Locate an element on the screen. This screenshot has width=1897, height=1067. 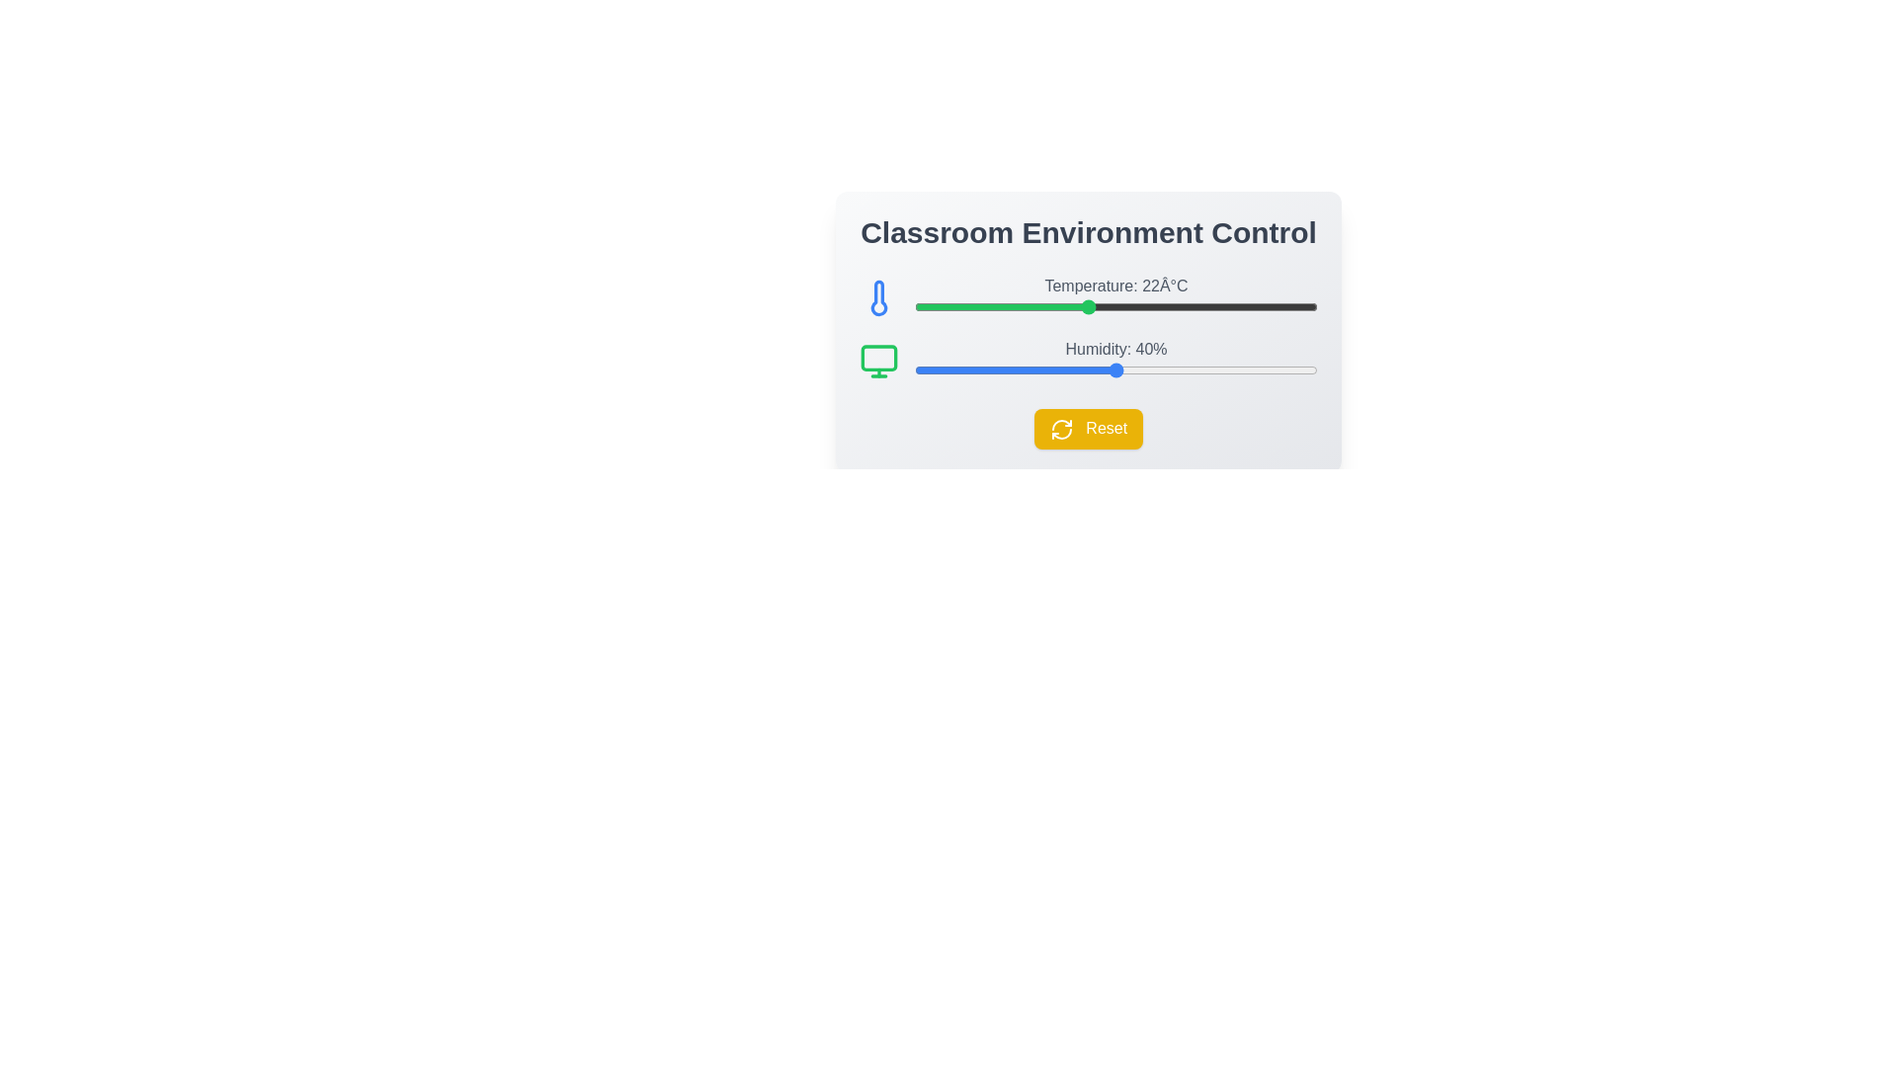
the humidity slider to set it to 36% is located at coordinates (1075, 369).